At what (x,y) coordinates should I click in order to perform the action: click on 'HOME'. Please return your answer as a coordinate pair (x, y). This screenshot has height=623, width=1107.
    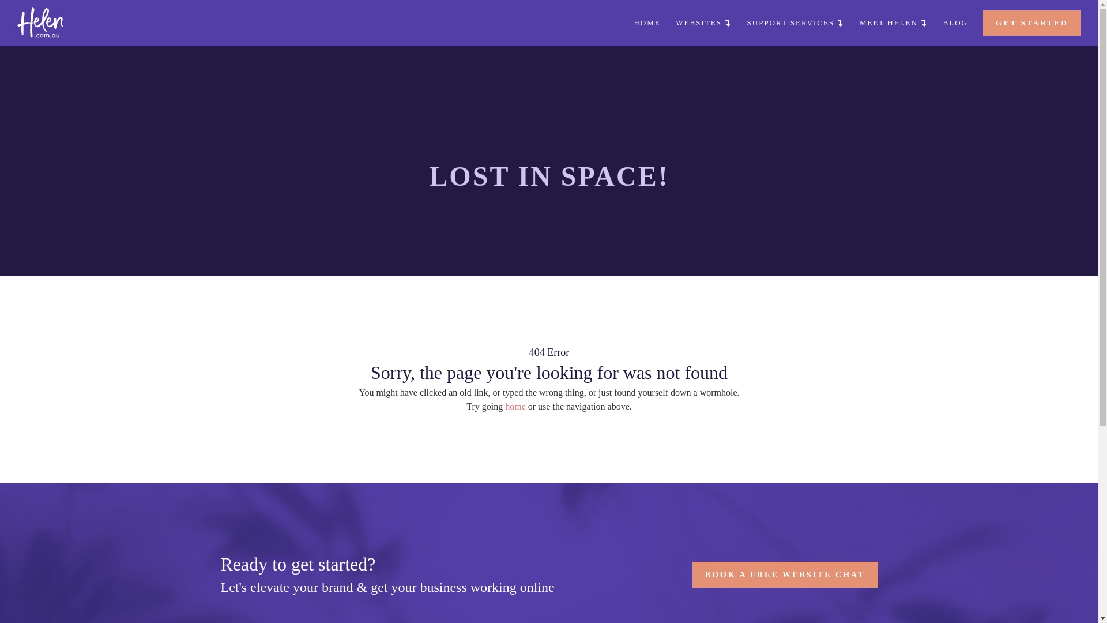
    Looking at the image, I should click on (676, 22).